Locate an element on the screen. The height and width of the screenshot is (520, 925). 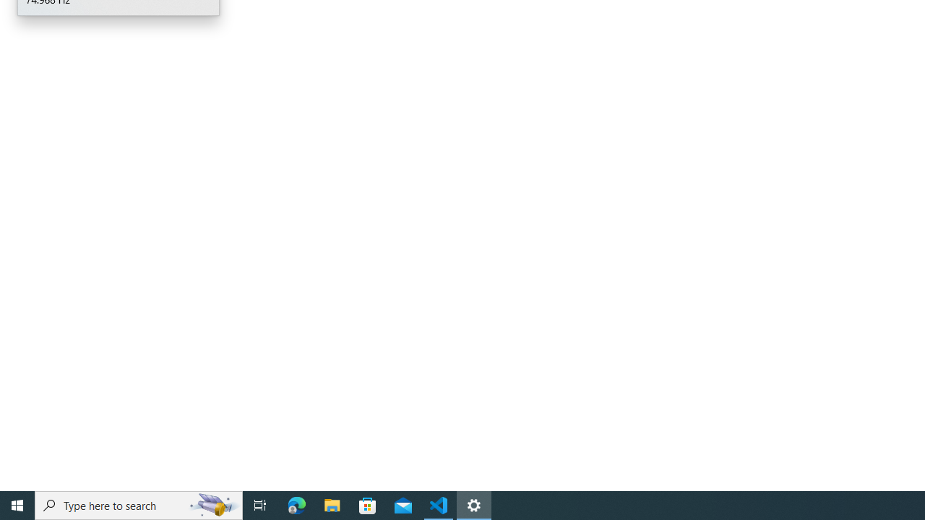
'Type here to search' is located at coordinates (139, 504).